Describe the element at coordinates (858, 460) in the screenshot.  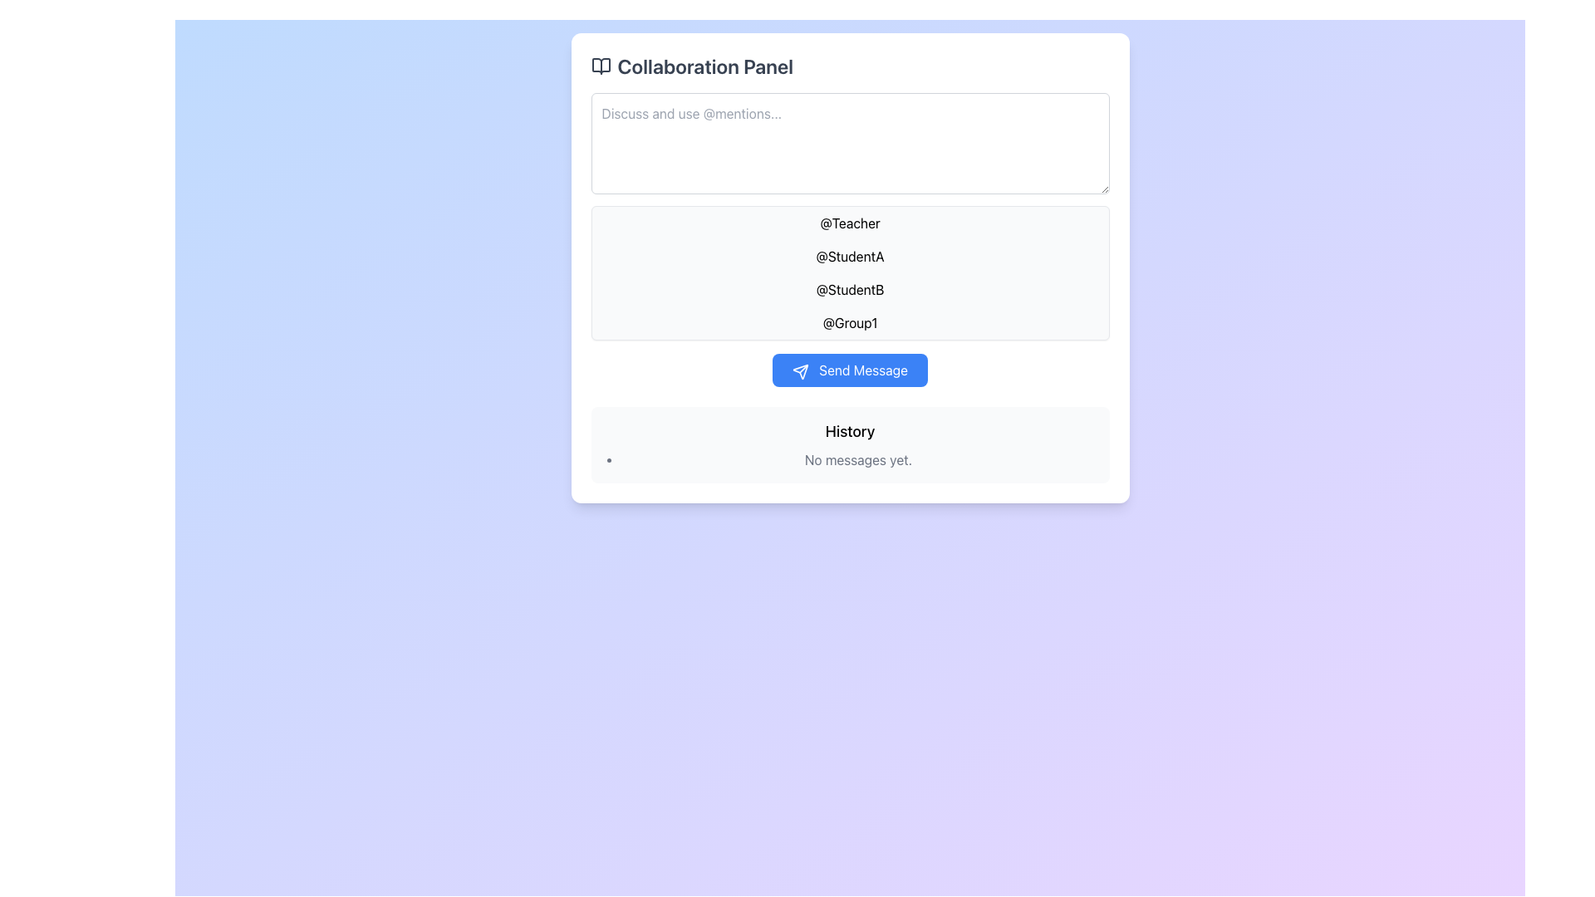
I see `message displayed in the text label that says 'No messages yet.' located within the bullet-pointed list under the 'History' section` at that location.